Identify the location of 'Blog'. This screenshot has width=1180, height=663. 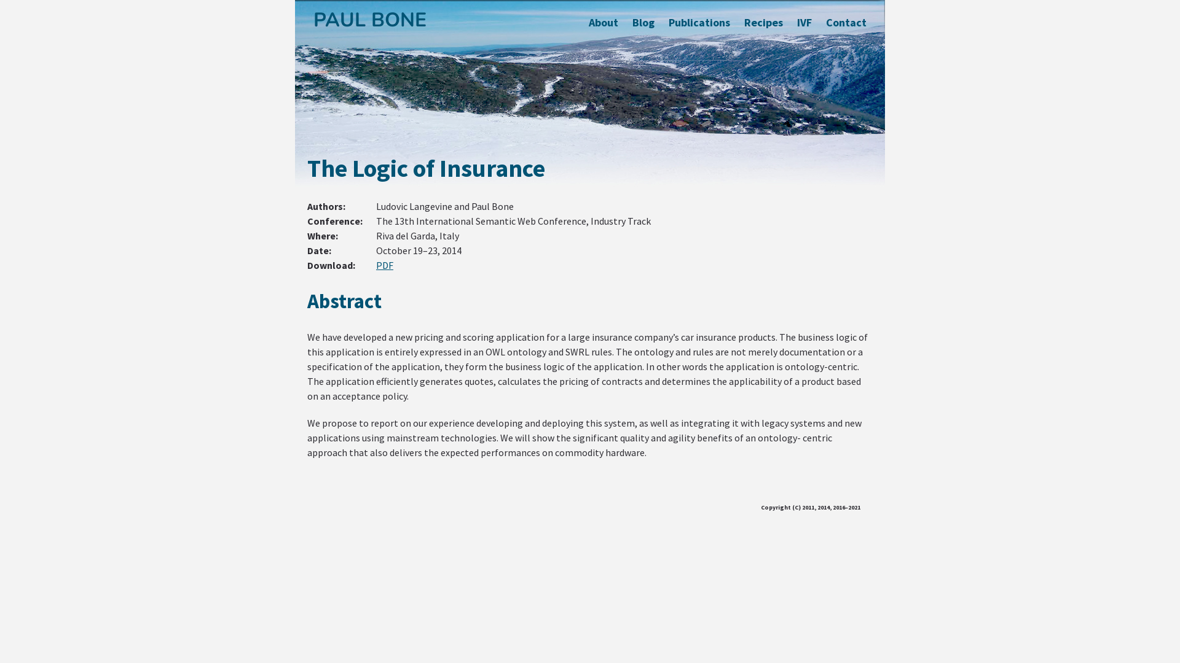
(632, 22).